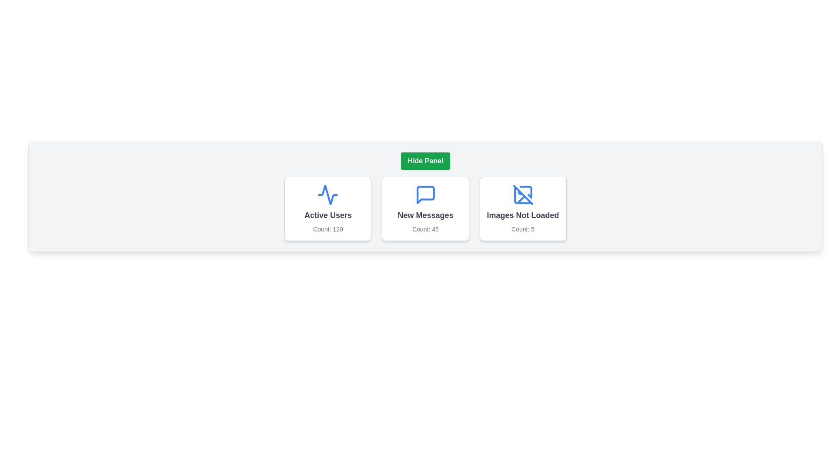  Describe the element at coordinates (425, 194) in the screenshot. I see `the blue speech bubble icon at the top-center of the 'New Messages' card, which has a minimalistic outline design and is positioned above the text 'New Messages' and 'Count: 45'` at that location.